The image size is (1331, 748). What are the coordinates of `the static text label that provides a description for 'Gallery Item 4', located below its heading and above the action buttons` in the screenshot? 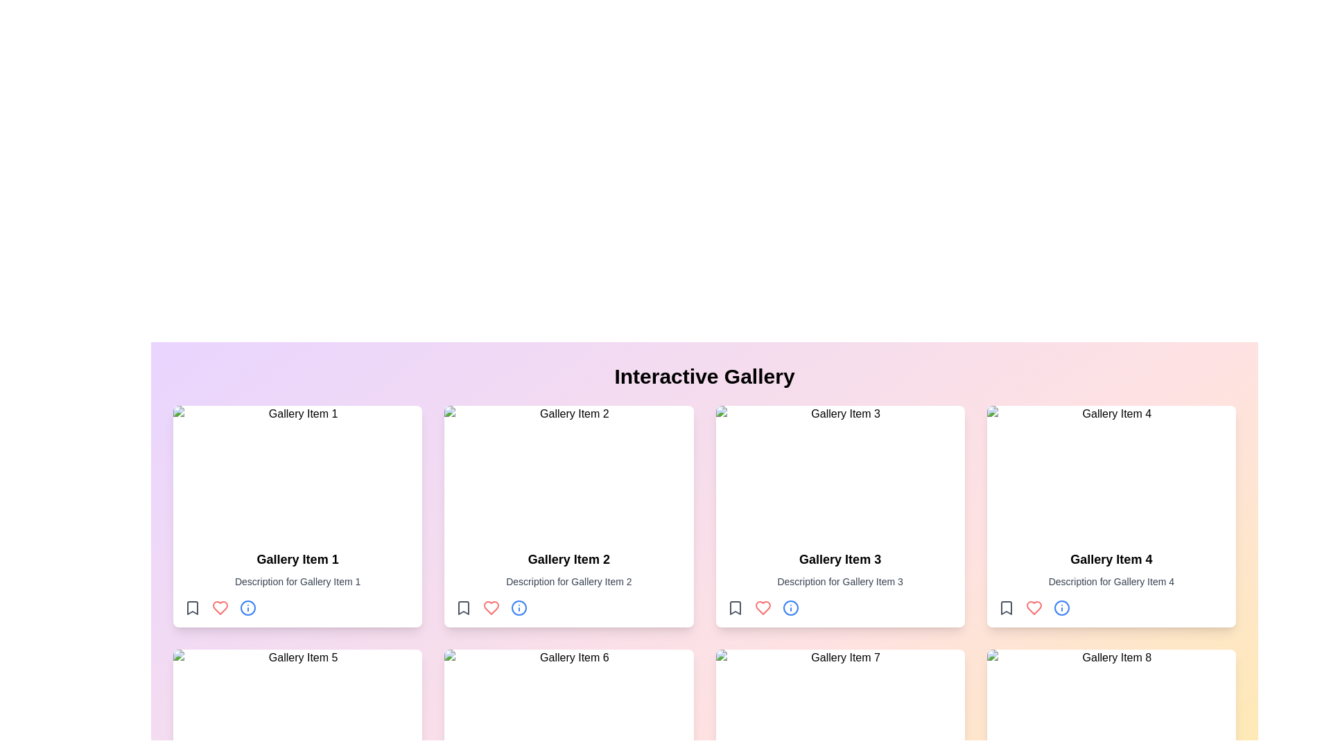 It's located at (1111, 582).